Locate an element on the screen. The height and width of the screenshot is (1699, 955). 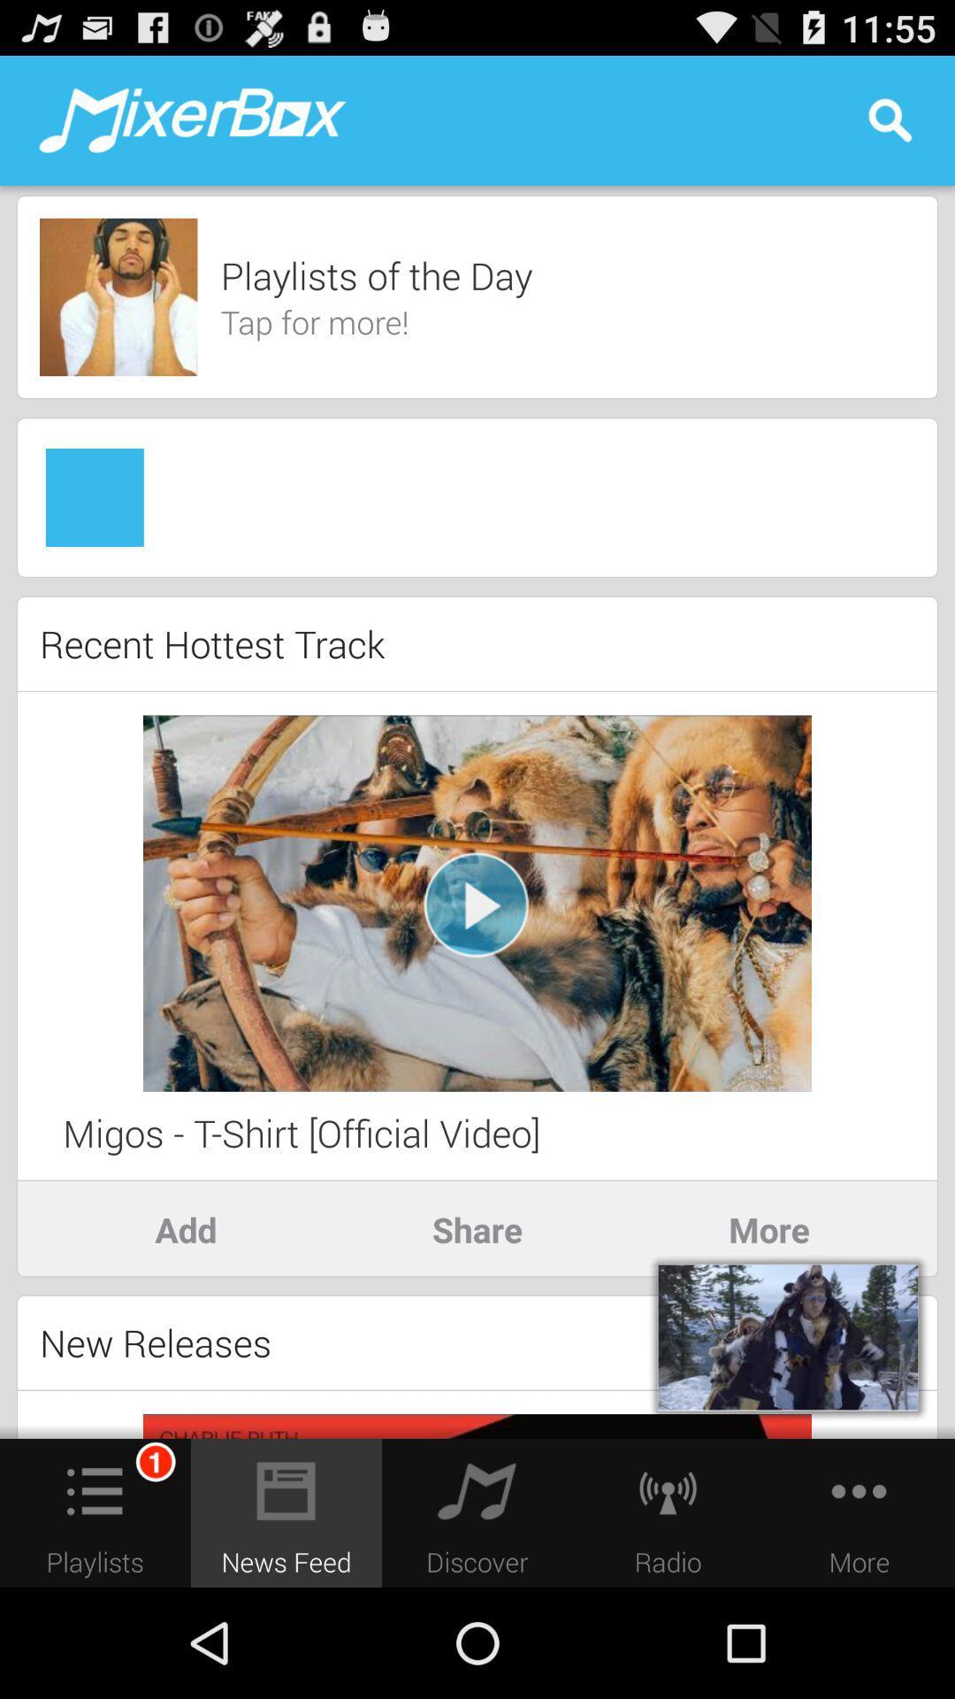
the icon next to the share is located at coordinates (185, 1228).